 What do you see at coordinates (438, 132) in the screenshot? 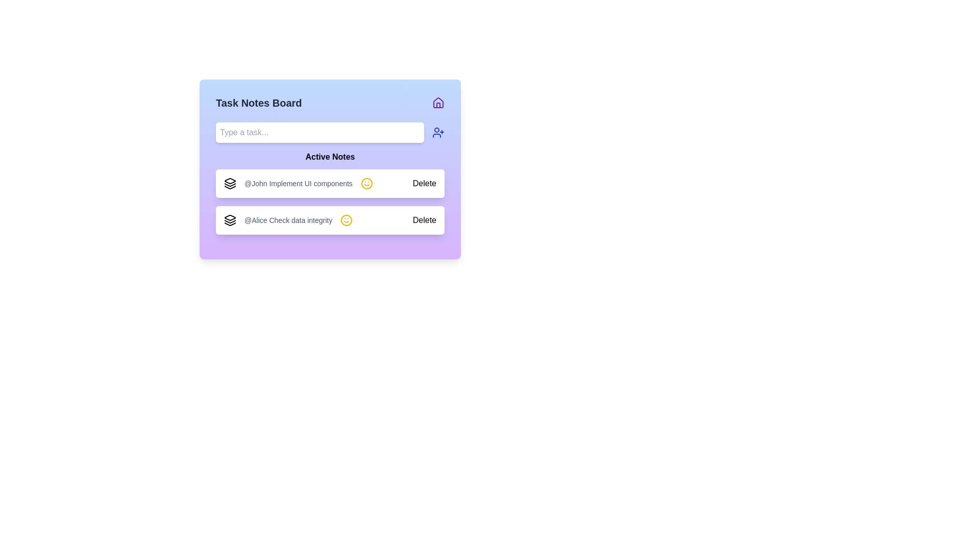
I see `the 'Add User' button located to the immediate right of the 'Type a task...' input box` at bounding box center [438, 132].